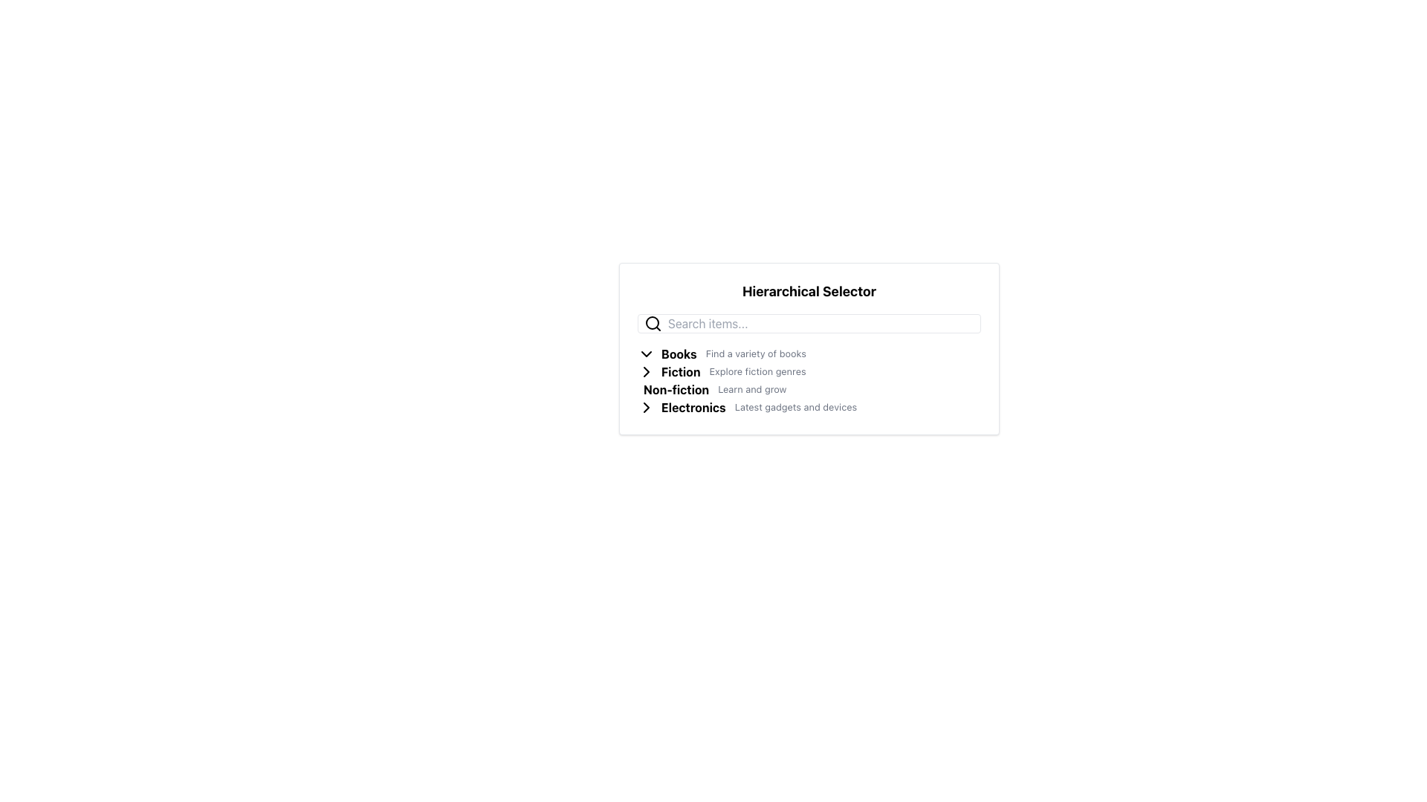  Describe the element at coordinates (809, 371) in the screenshot. I see `the 'Fiction Explore fiction genres' category list item, which is the second item under the 'Books' category in the hierarchical selector` at that location.